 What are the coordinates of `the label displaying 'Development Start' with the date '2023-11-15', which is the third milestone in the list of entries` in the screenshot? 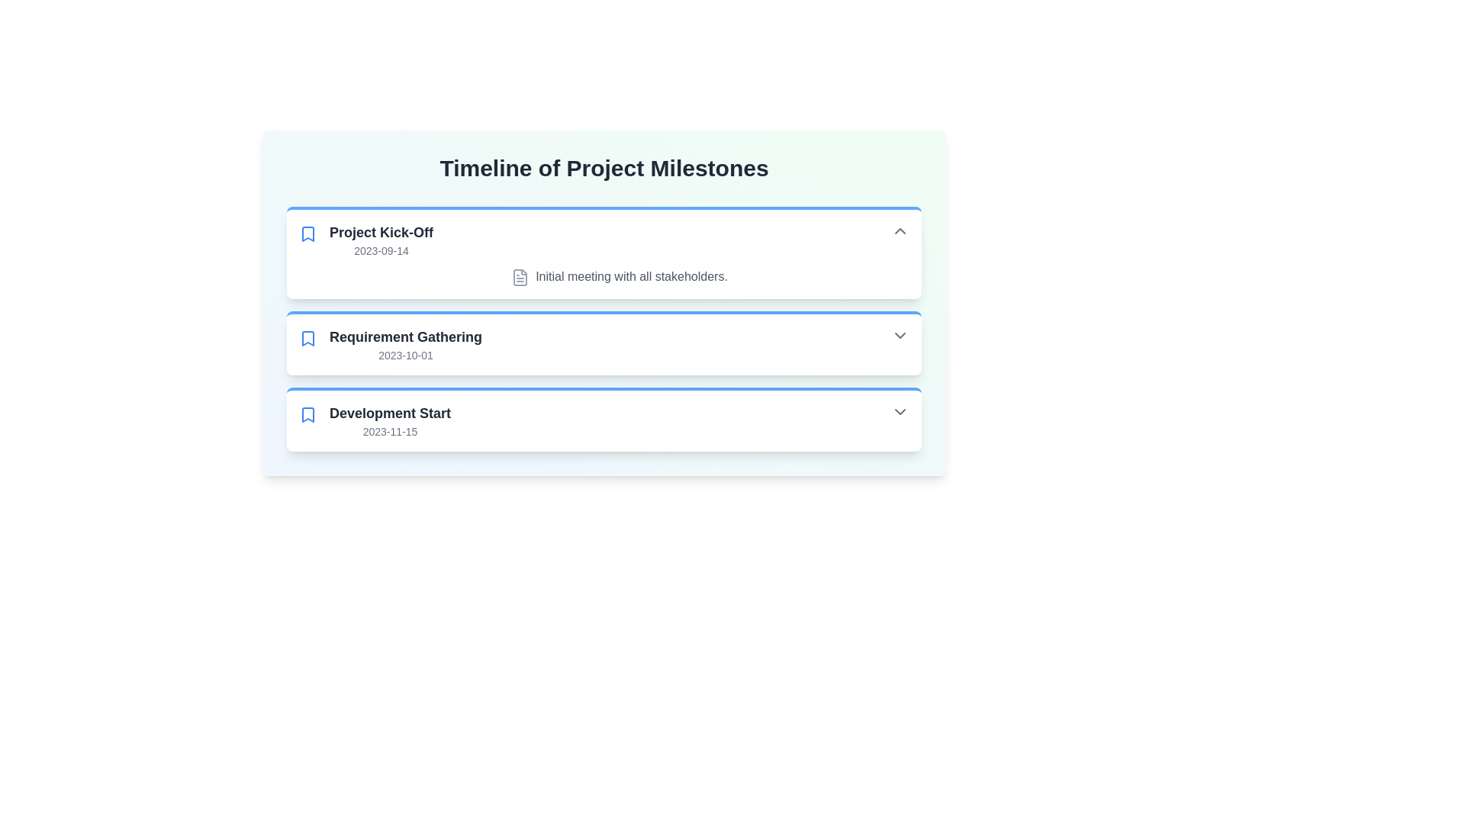 It's located at (390, 420).